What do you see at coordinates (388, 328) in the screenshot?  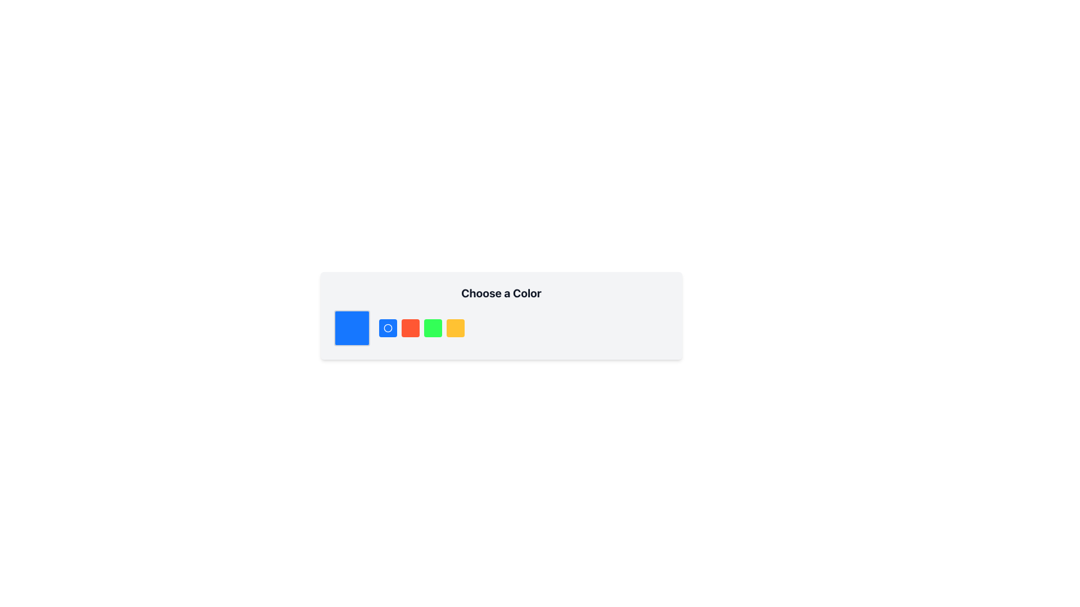 I see `the circular selection indicator icon with a white outline` at bounding box center [388, 328].